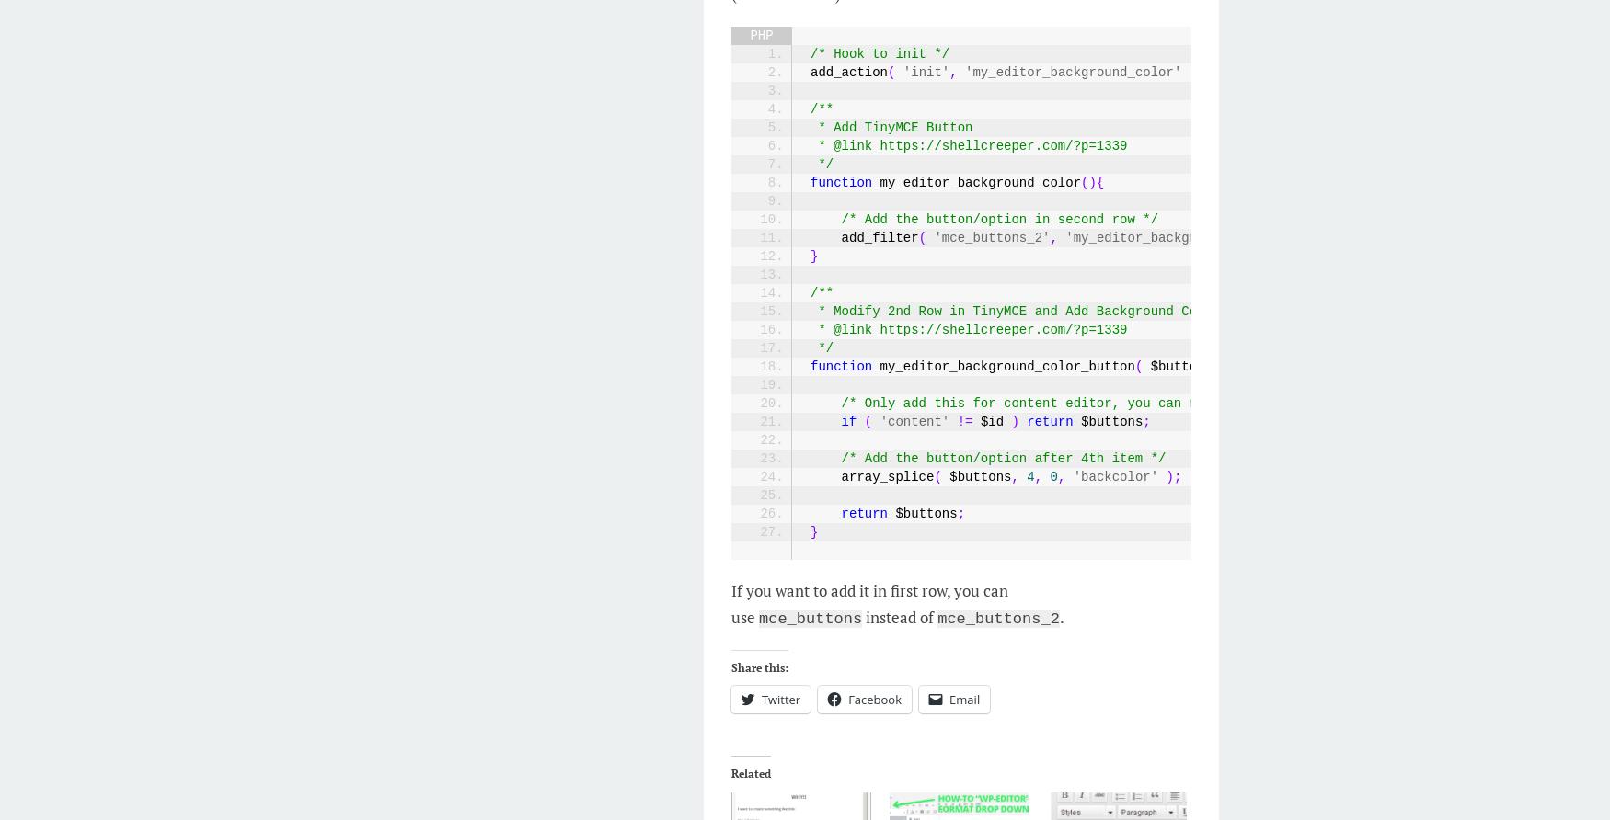  I want to click on '!=', so click(963, 422).